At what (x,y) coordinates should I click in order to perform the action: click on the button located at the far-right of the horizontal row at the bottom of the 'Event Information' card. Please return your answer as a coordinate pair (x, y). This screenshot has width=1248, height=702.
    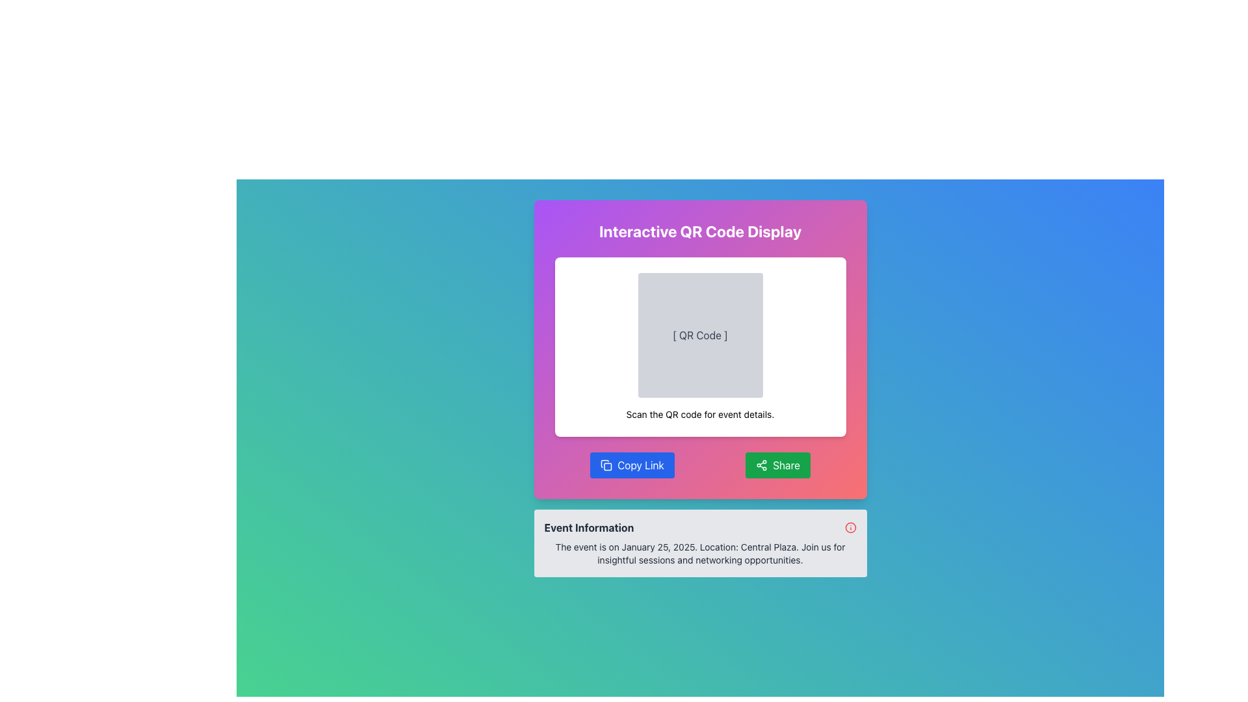
    Looking at the image, I should click on (850, 528).